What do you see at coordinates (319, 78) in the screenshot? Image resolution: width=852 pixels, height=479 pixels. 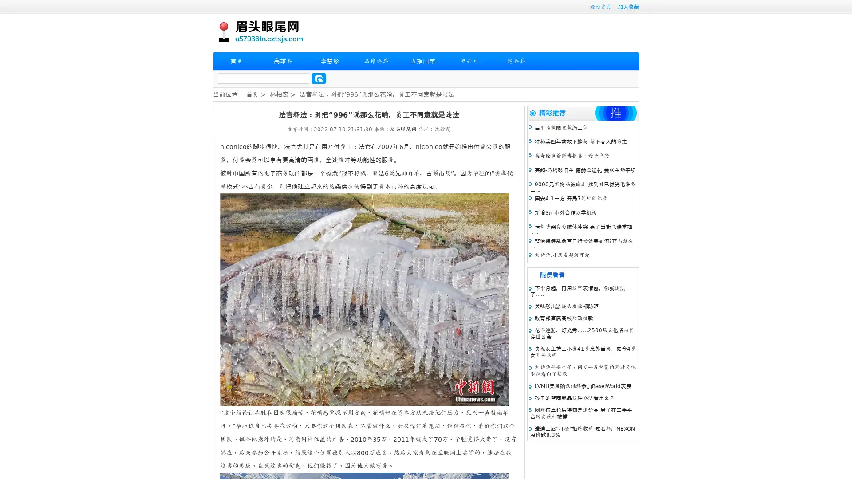 I see `Search` at bounding box center [319, 78].